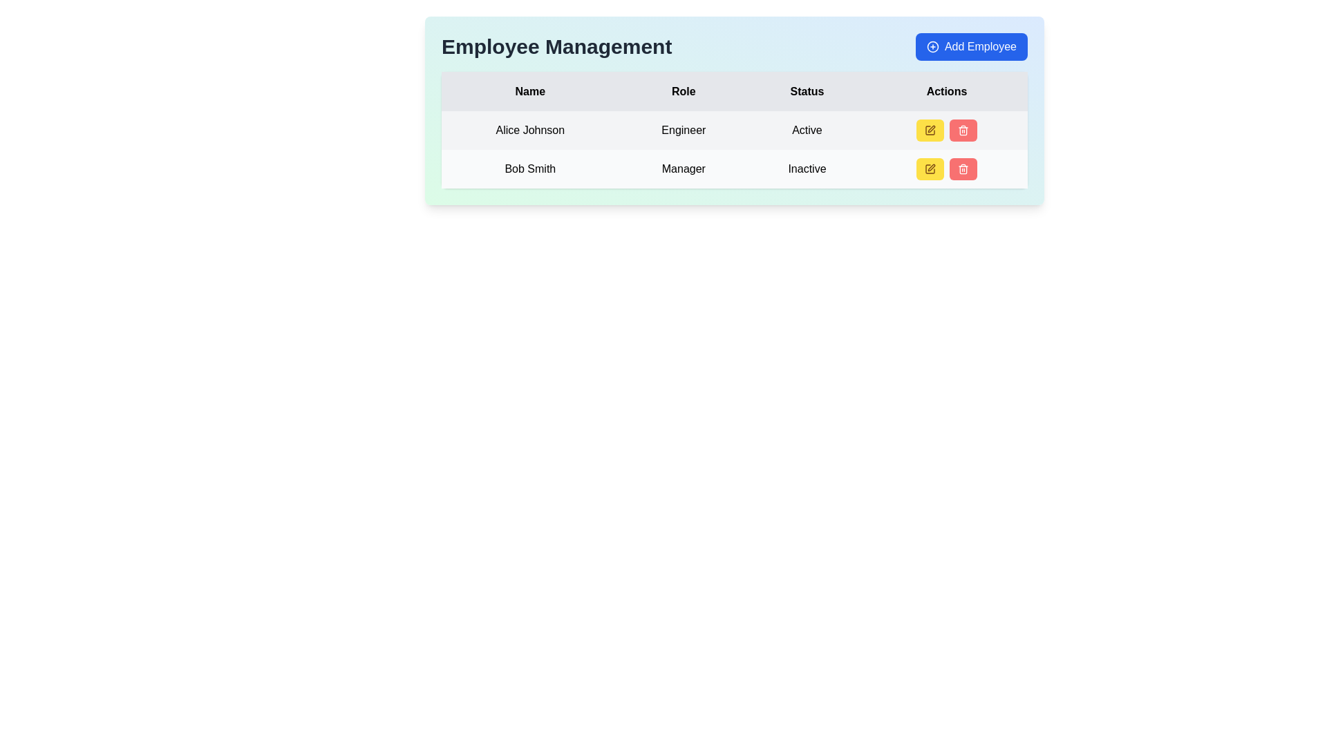 This screenshot has width=1327, height=746. I want to click on the header label for the last column in the table that indicates action buttons for each row, so click(945, 91).